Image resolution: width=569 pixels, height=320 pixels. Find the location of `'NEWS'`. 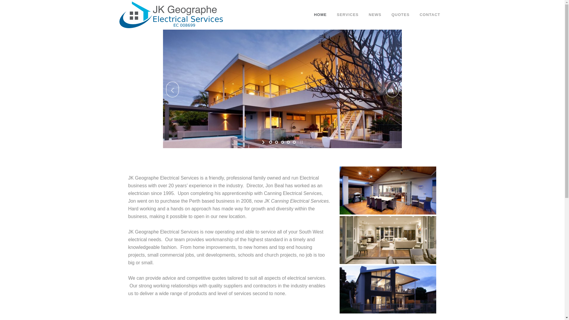

'NEWS' is located at coordinates (375, 15).